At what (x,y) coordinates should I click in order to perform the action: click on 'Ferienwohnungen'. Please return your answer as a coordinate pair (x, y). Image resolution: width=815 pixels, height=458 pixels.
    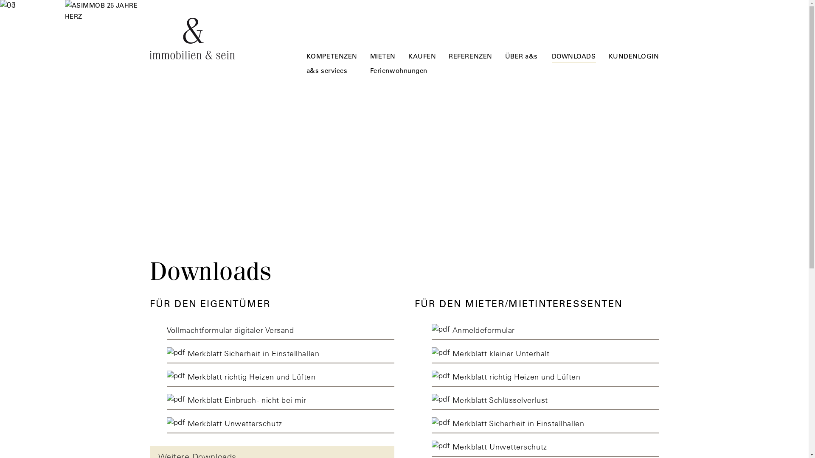
    Looking at the image, I should click on (398, 71).